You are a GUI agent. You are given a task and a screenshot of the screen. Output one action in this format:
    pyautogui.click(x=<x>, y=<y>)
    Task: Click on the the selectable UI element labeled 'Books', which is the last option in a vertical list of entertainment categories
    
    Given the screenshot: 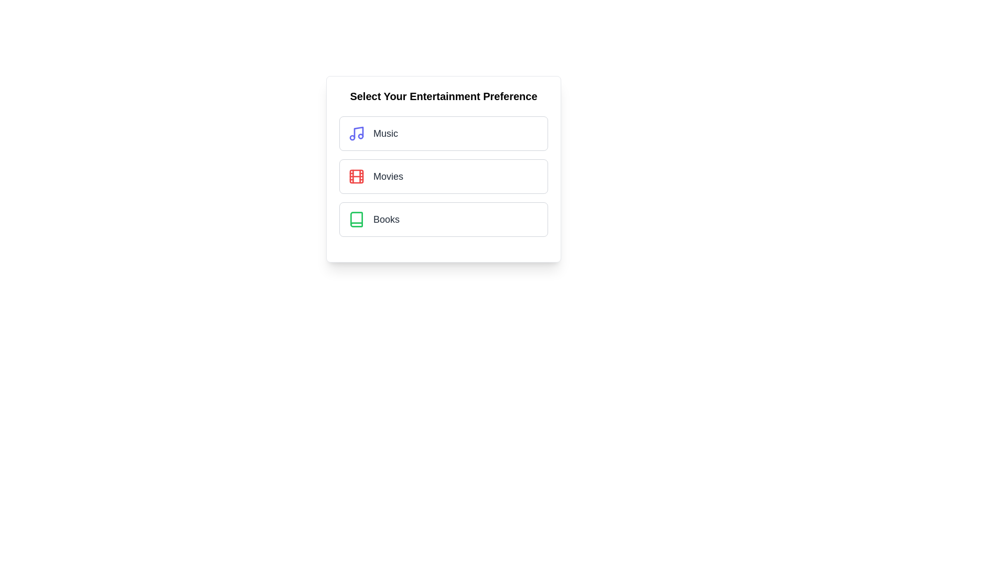 What is the action you would take?
    pyautogui.click(x=443, y=219)
    